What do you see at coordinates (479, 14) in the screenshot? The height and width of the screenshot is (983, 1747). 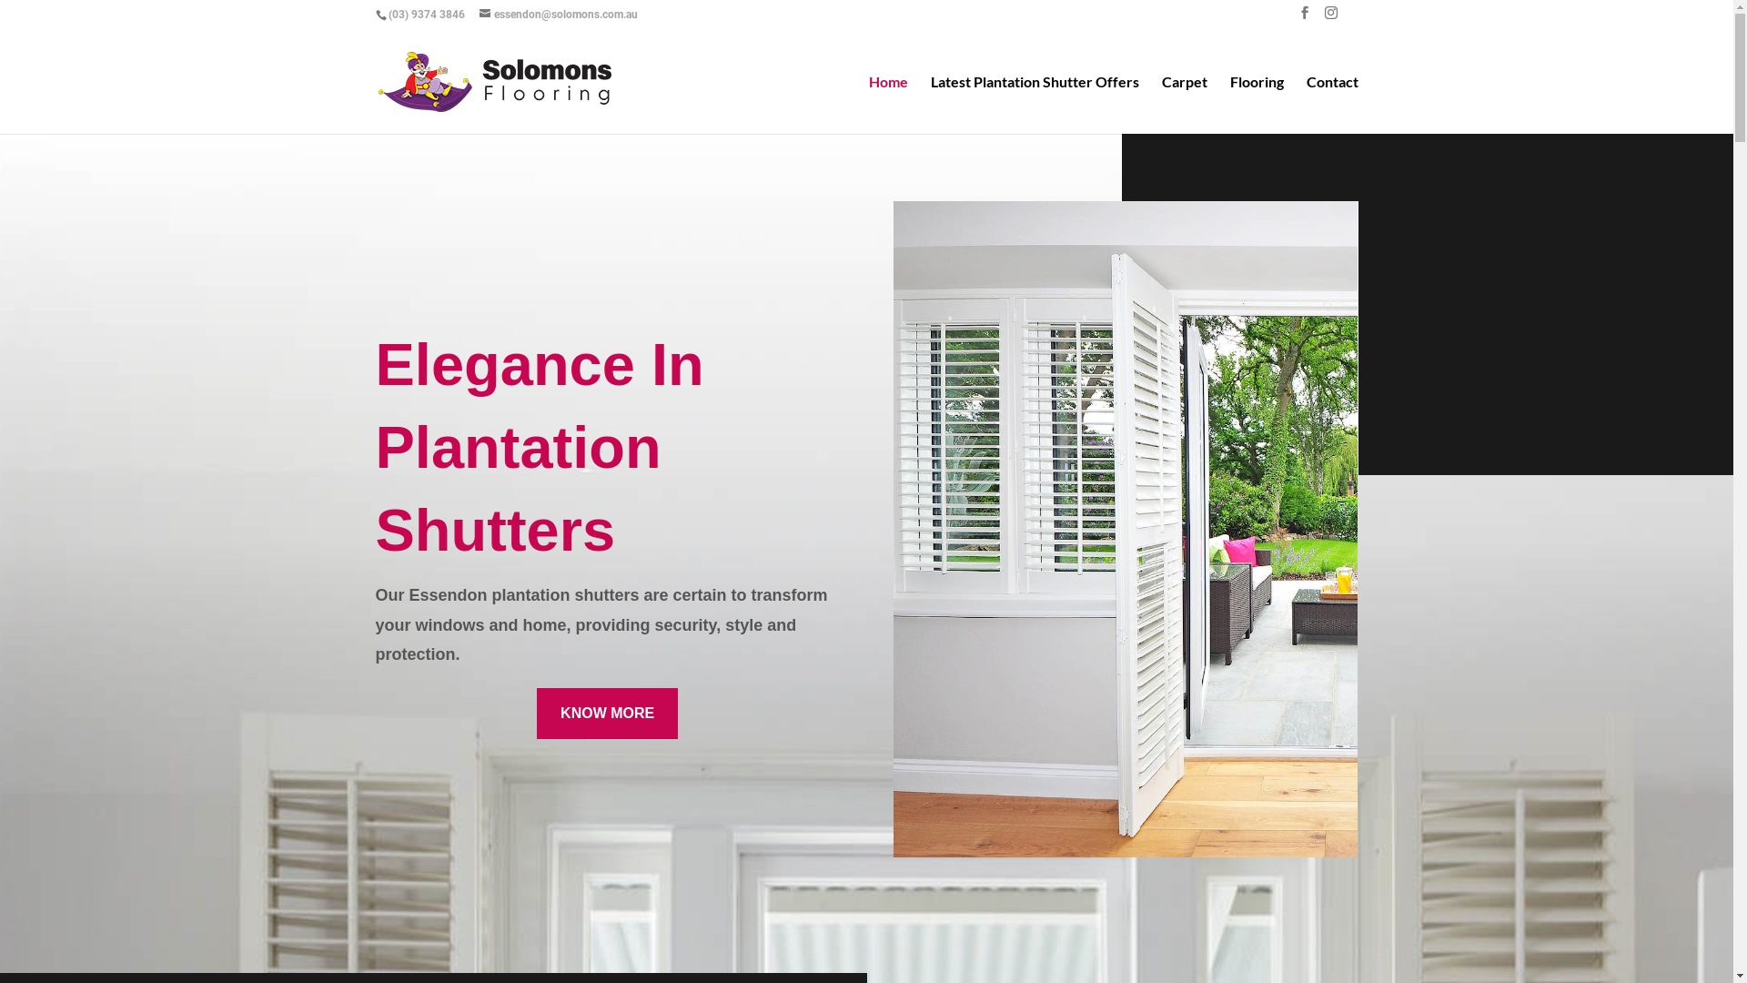 I see `'essendon@solomons.com.au'` at bounding box center [479, 14].